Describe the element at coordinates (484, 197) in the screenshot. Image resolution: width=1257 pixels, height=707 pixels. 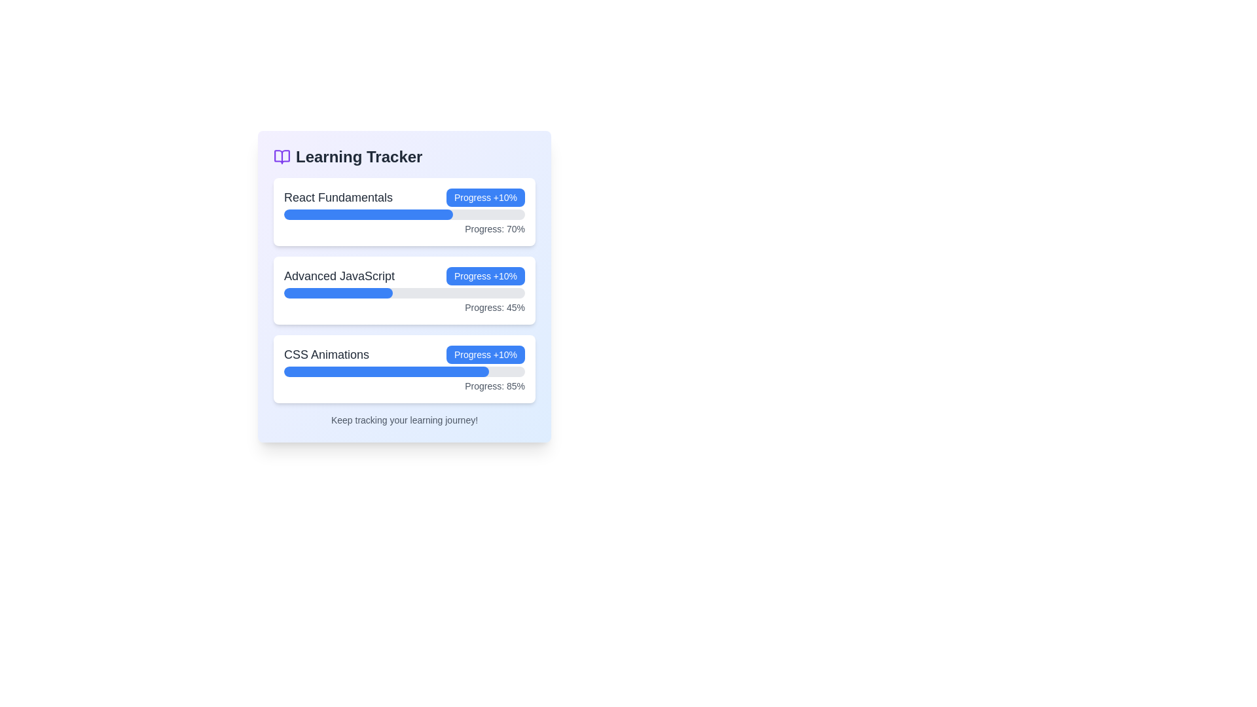
I see `the button labeled 'Progress +10%'` at that location.